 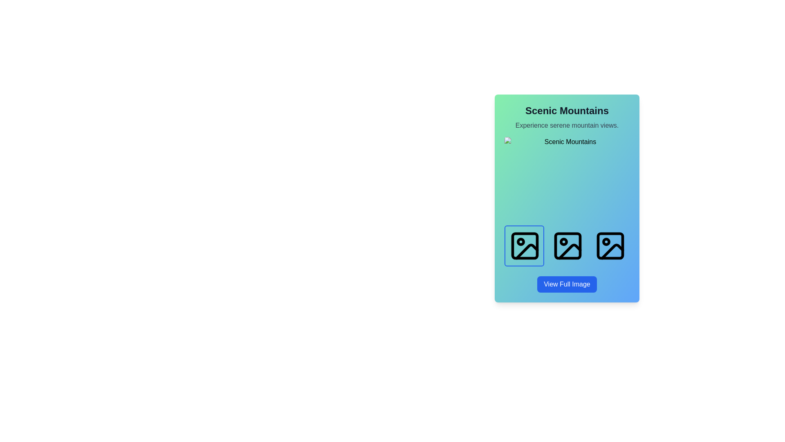 What do you see at coordinates (606, 241) in the screenshot?
I see `the marked state of the indicator located in the bottom-right corner of the third icon from the left in a horizontal row of image icons` at bounding box center [606, 241].